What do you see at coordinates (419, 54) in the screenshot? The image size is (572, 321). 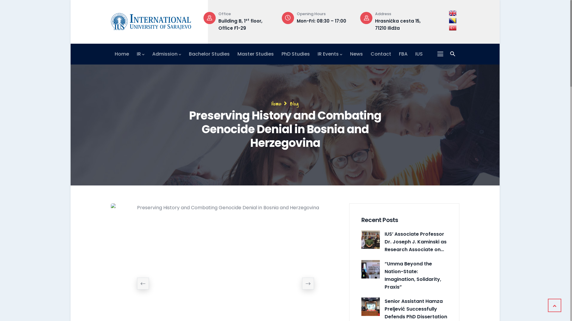 I see `'IUS'` at bounding box center [419, 54].